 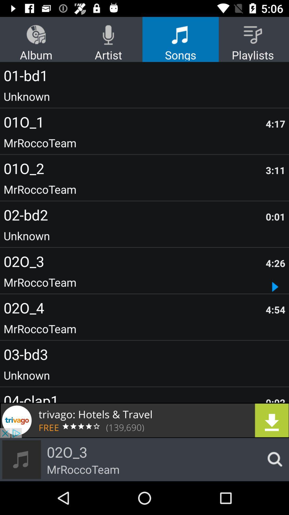 I want to click on open trivago advertisement, so click(x=144, y=420).